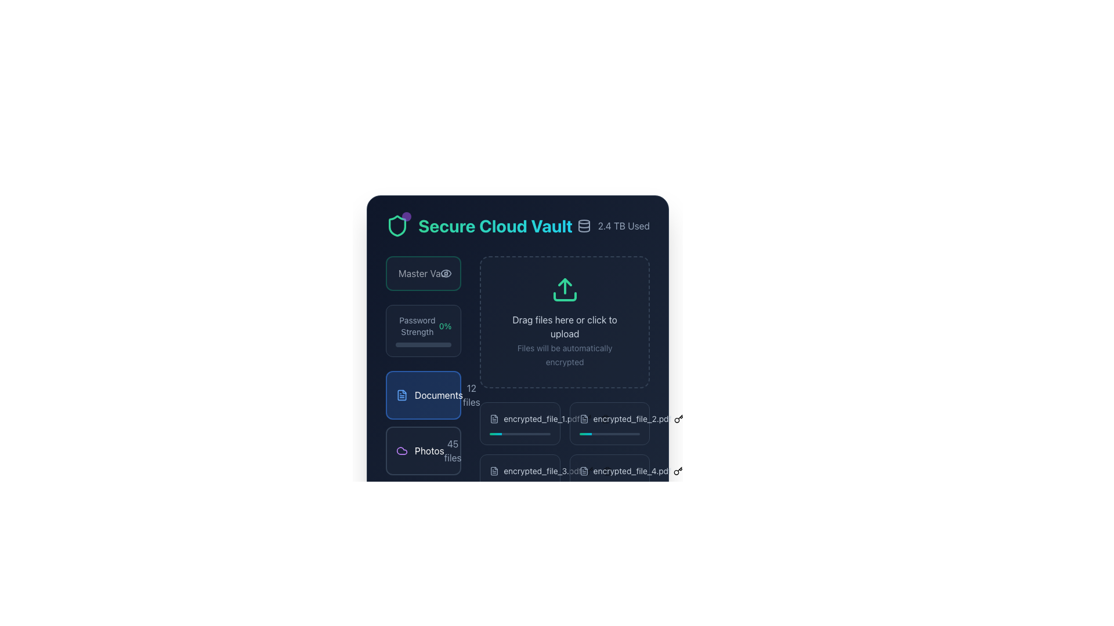 Image resolution: width=1114 pixels, height=626 pixels. Describe the element at coordinates (678, 471) in the screenshot. I see `the interactive key-shaped icon located at the bottom right corner of the panel` at that location.